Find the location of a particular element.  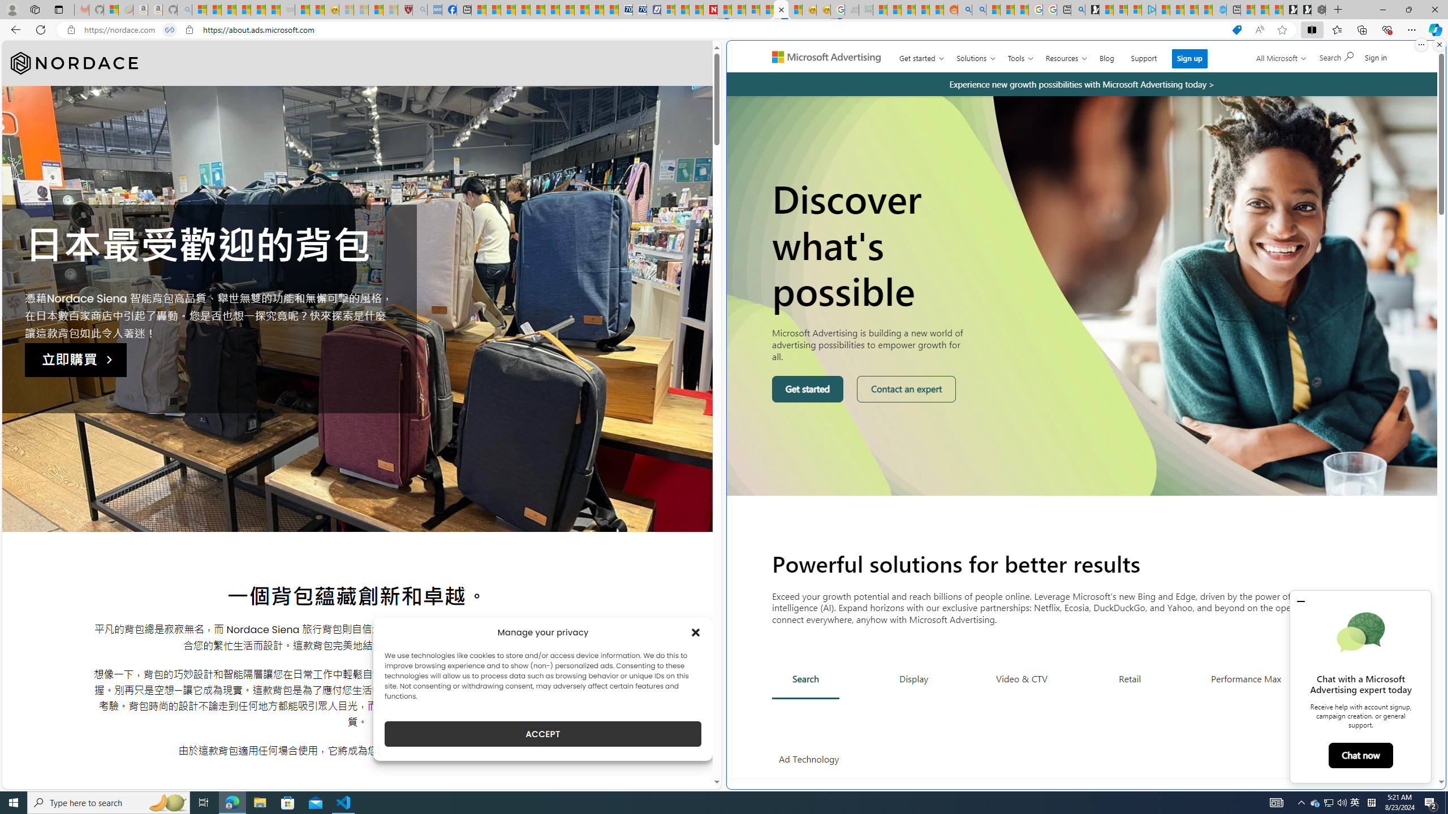

'ACCEPT' is located at coordinates (542, 734).